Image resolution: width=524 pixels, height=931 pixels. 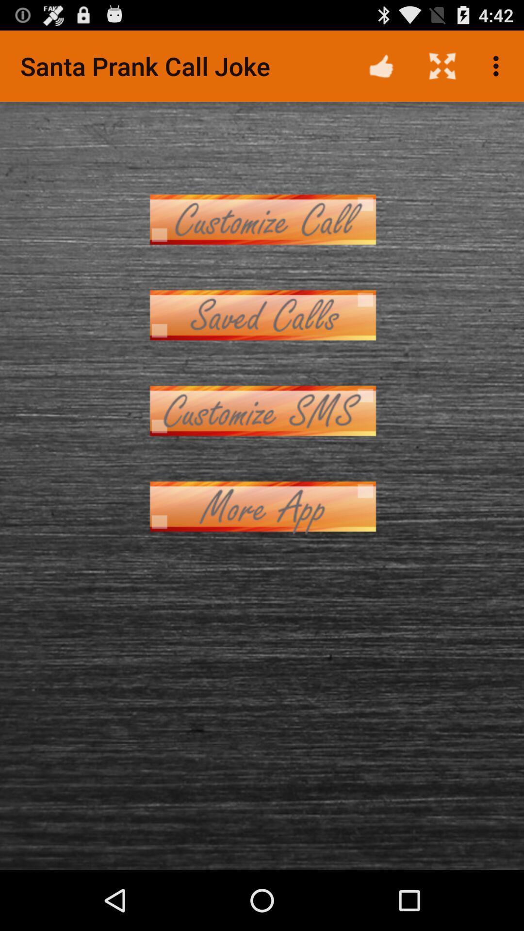 What do you see at coordinates (381, 65) in the screenshot?
I see `app to the right of santa prank call icon` at bounding box center [381, 65].